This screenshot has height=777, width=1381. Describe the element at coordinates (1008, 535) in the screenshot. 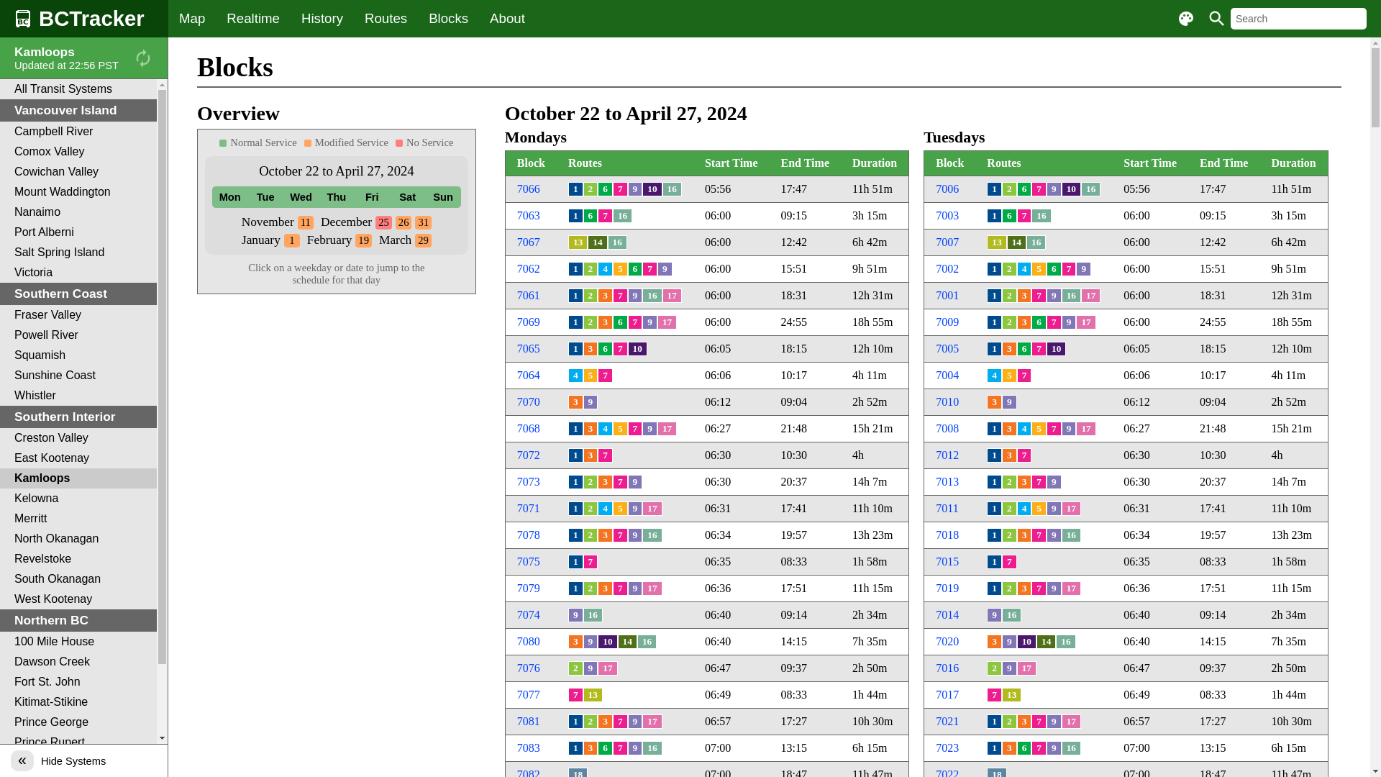

I see `'2'` at that location.